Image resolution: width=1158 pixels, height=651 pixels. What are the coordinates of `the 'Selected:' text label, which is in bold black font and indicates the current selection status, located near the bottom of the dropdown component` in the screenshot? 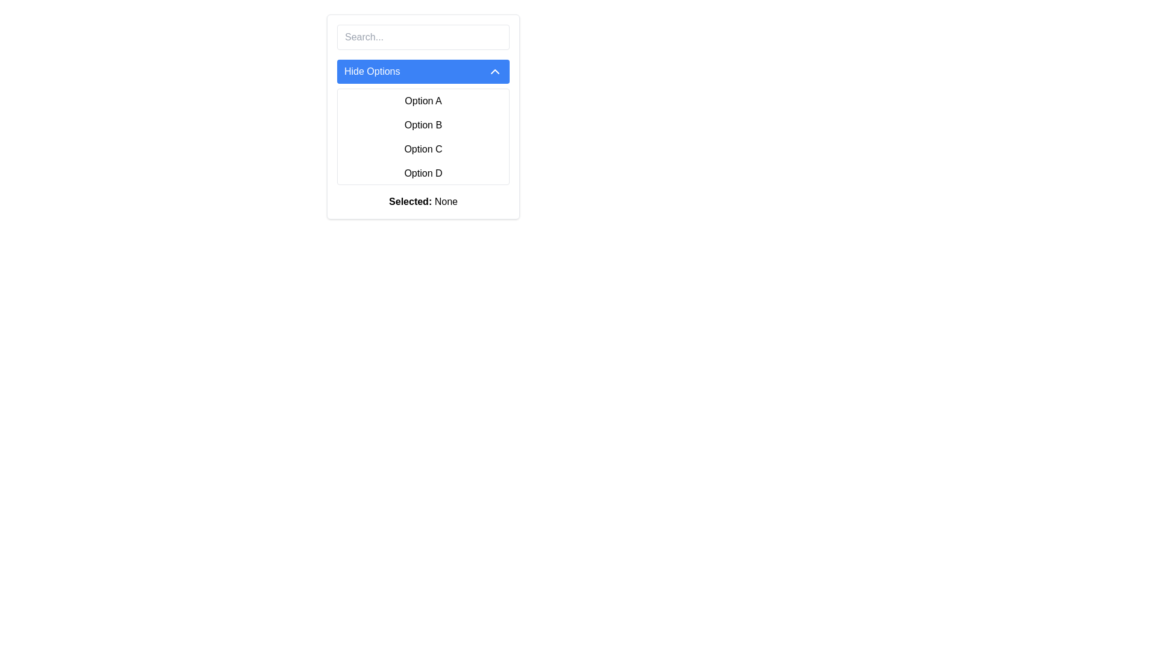 It's located at (410, 201).